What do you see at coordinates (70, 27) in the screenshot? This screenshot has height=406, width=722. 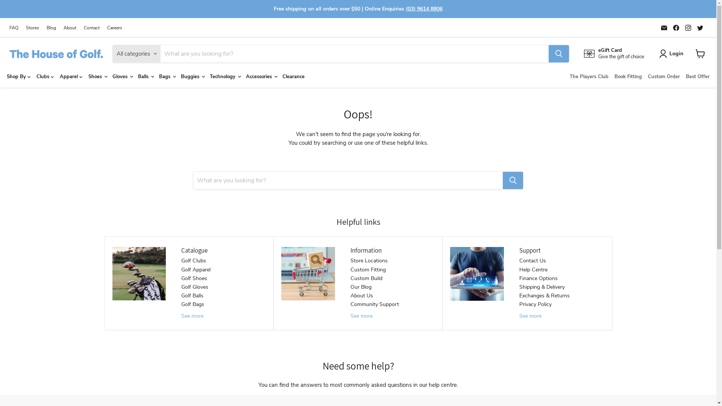 I see `'About'` at bounding box center [70, 27].